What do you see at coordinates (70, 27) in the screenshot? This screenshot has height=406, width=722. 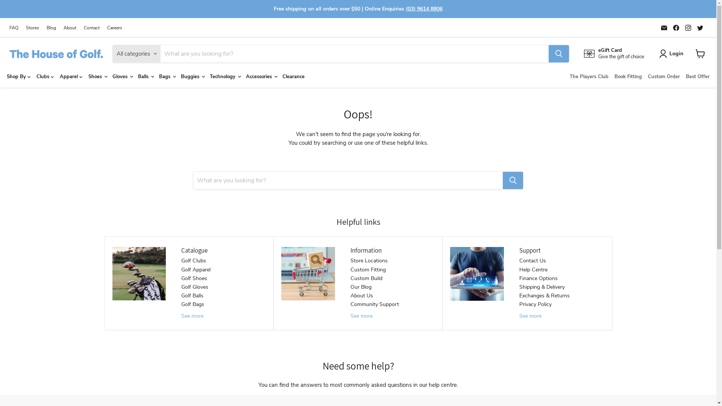 I see `'About'` at bounding box center [70, 27].